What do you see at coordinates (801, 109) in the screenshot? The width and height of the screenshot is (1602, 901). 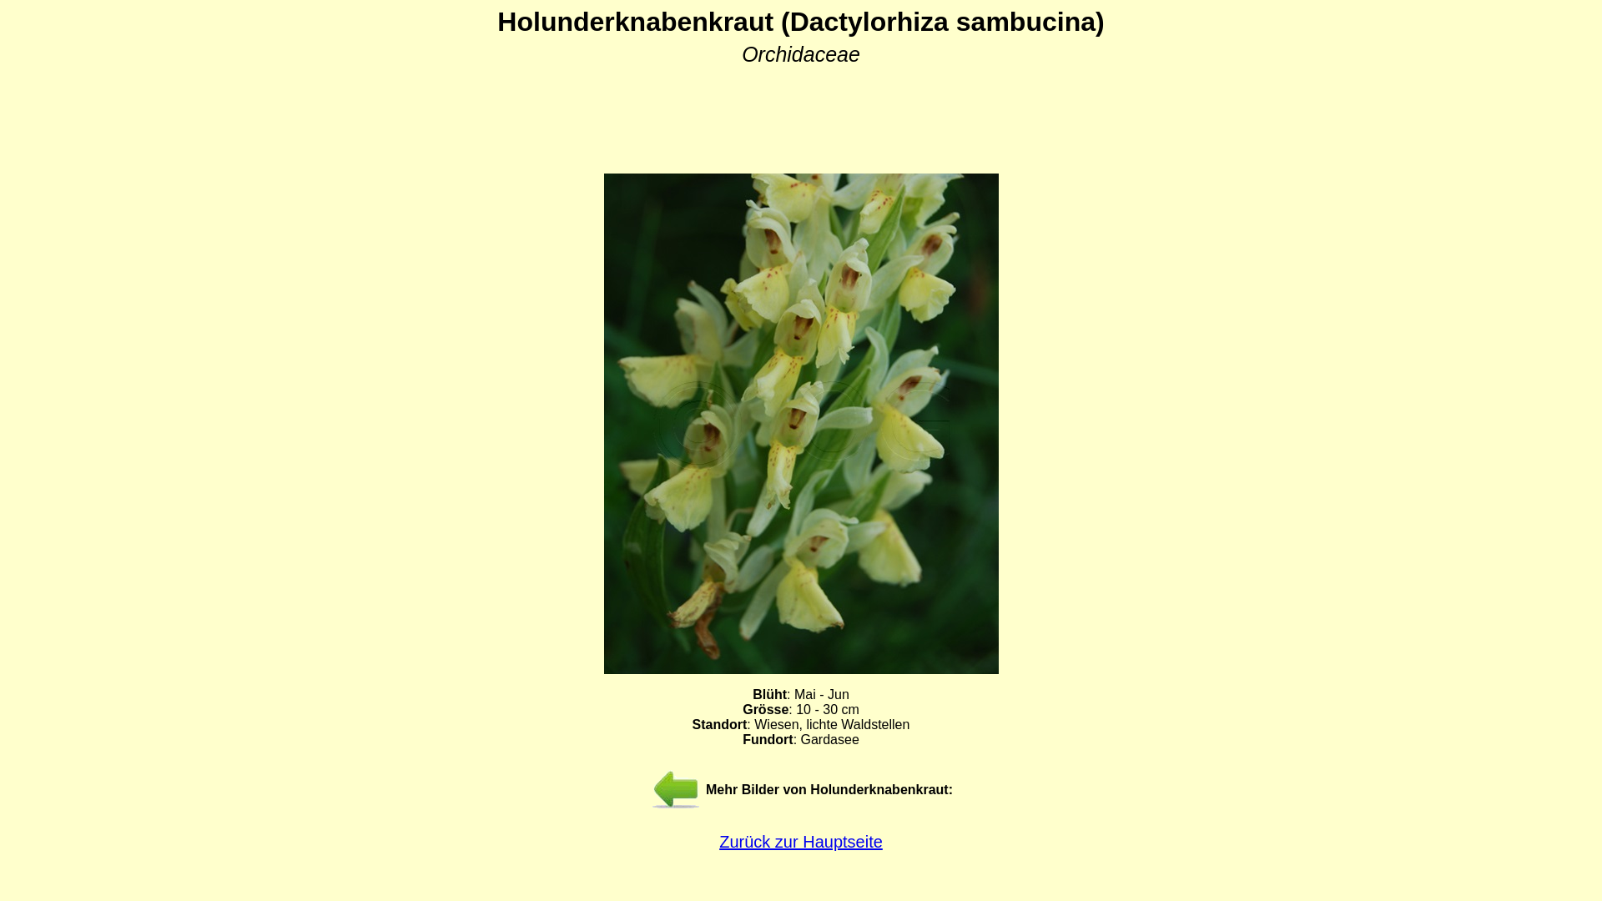 I see `'Advertisement'` at bounding box center [801, 109].